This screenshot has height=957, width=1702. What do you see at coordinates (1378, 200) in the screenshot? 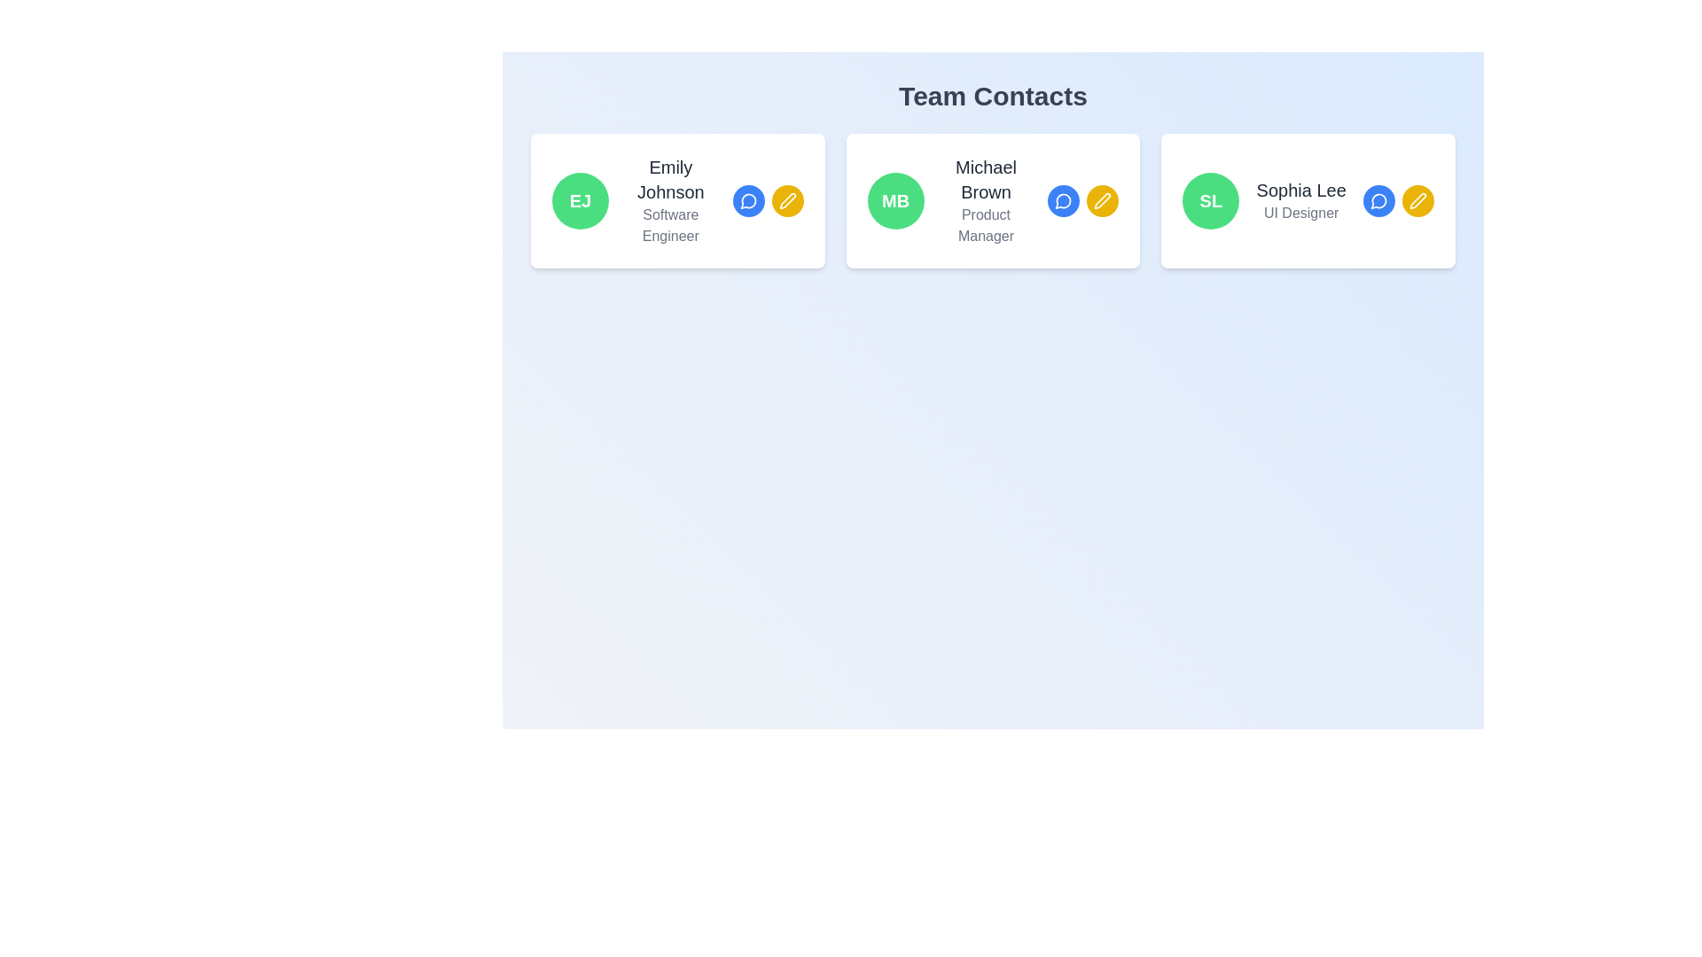
I see `the small circular blue dialog bubble icon located in the top right corner of the card for Sophia Lee` at bounding box center [1378, 200].